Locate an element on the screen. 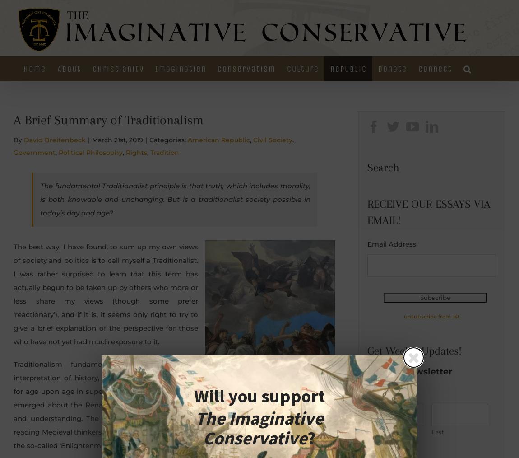 Image resolution: width=519 pixels, height=458 pixels. 'Music' is located at coordinates (299, 171).